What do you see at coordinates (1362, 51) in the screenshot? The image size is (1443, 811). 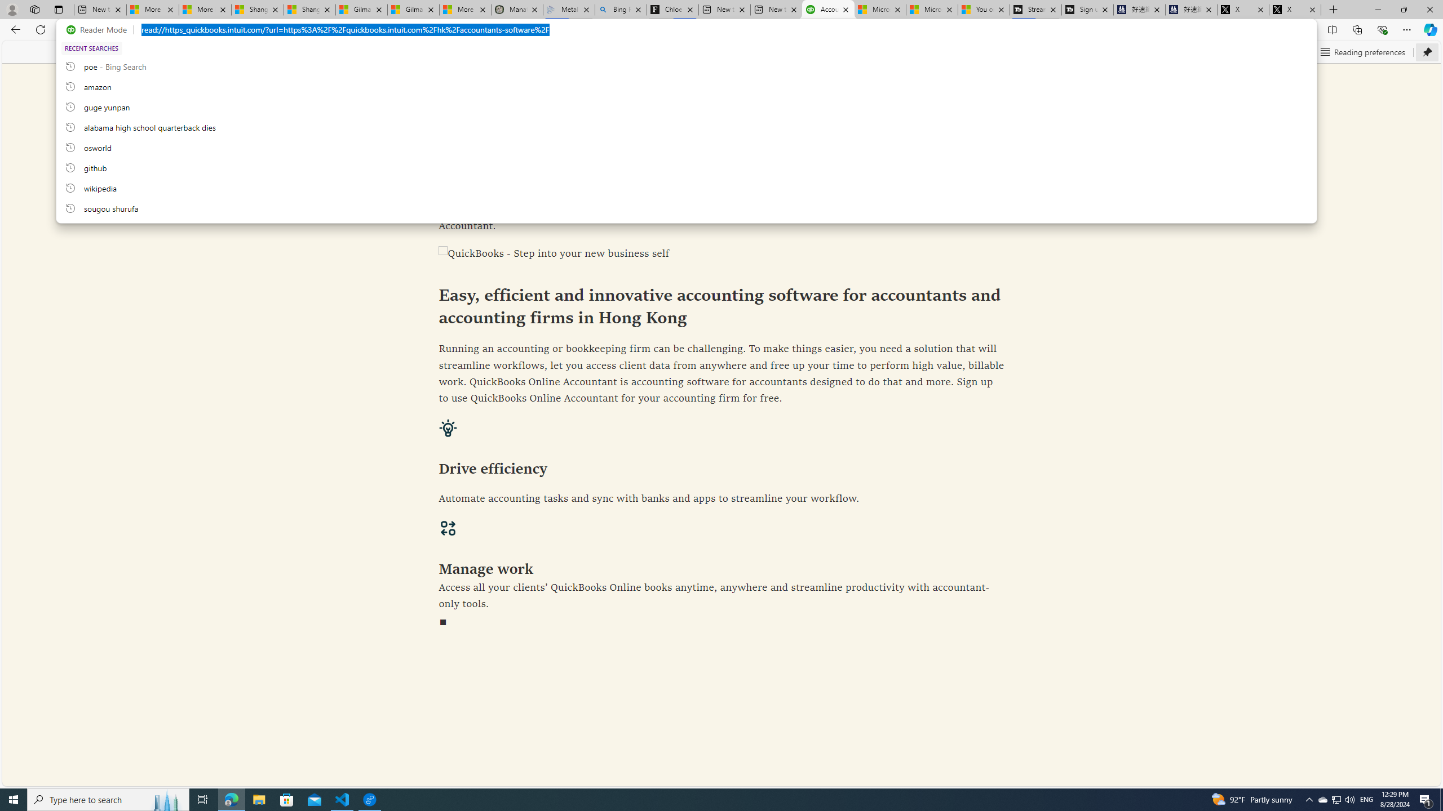 I see `'Reading preferences'` at bounding box center [1362, 51].